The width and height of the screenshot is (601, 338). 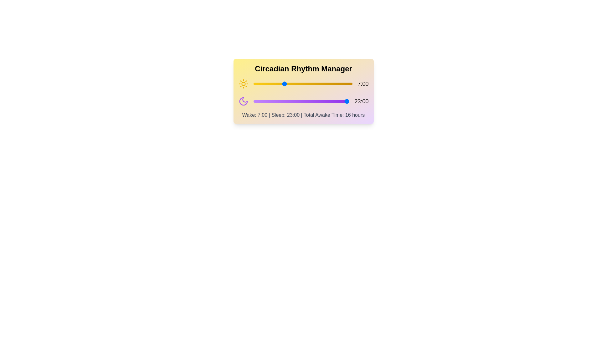 I want to click on the wake hour to 18 by moving the slider, so click(x=331, y=83).